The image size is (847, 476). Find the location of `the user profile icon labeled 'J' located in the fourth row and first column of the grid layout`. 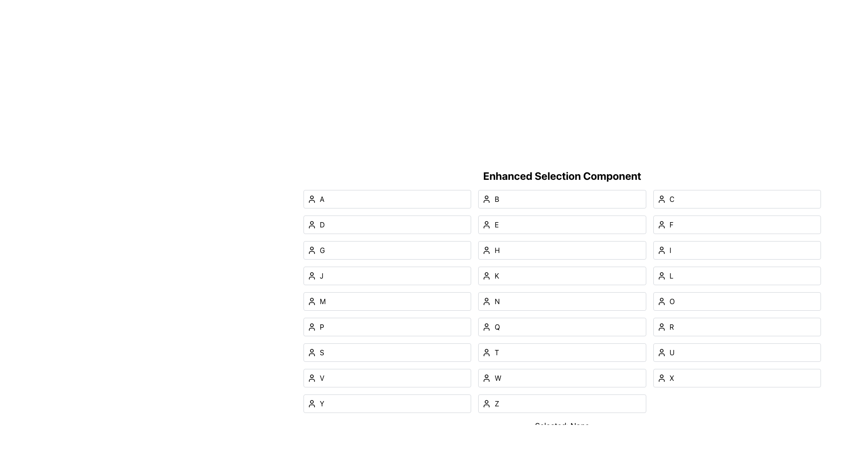

the user profile icon labeled 'J' located in the fourth row and first column of the grid layout is located at coordinates (311, 275).